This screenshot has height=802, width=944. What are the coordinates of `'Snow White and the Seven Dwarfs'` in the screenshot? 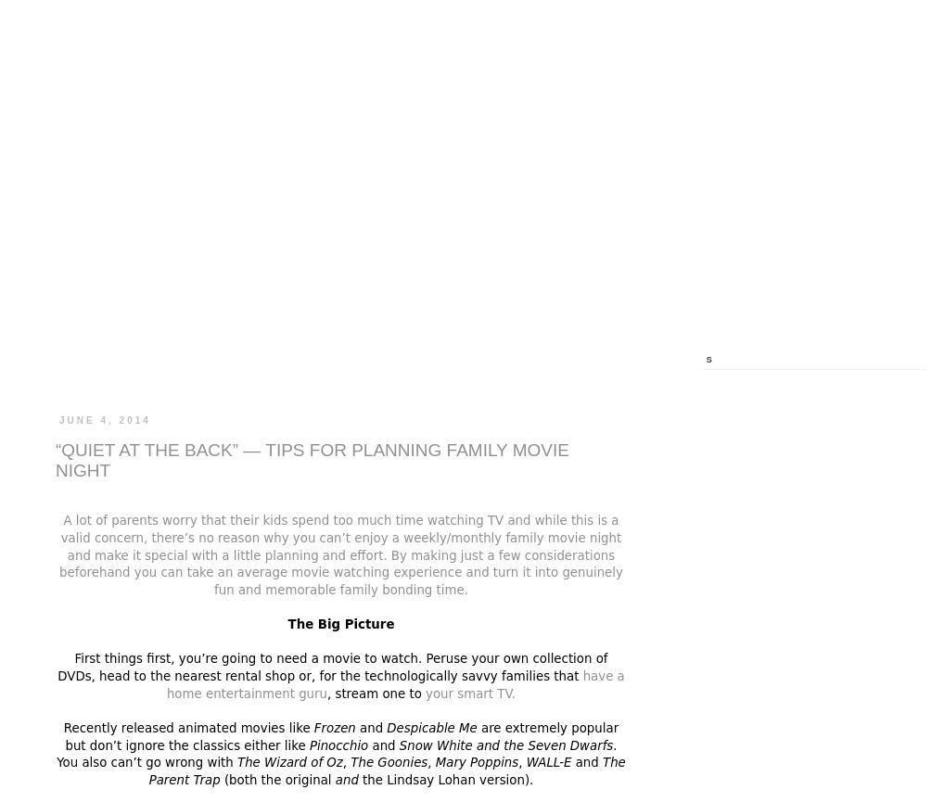 It's located at (504, 744).